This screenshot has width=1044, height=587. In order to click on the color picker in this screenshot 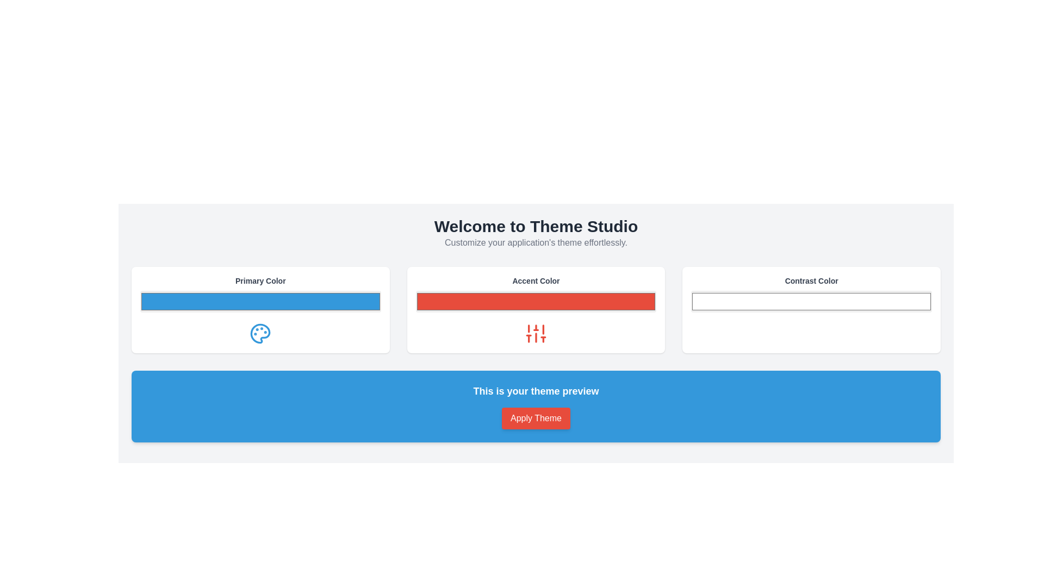, I will do `click(415, 302)`.